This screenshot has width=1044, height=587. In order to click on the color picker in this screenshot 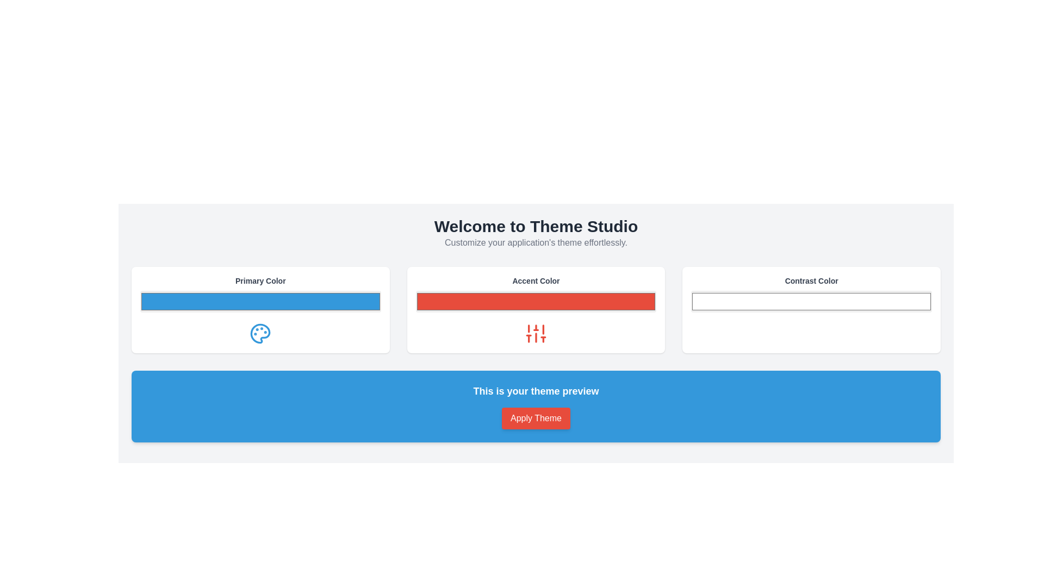, I will do `click(415, 302)`.